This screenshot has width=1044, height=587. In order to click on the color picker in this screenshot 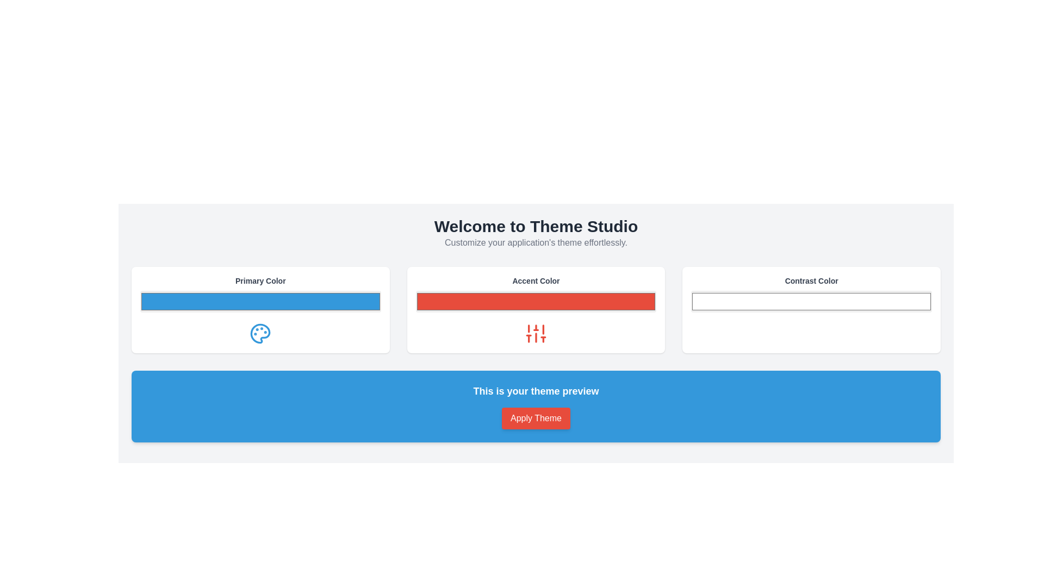, I will do `click(415, 302)`.